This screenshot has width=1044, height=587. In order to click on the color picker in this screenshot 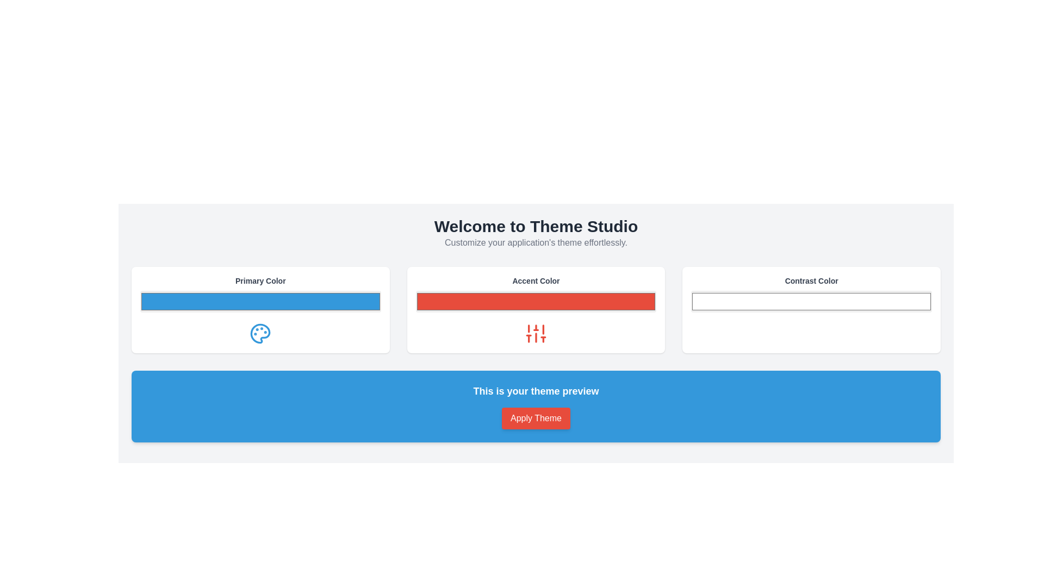, I will do `click(415, 302)`.